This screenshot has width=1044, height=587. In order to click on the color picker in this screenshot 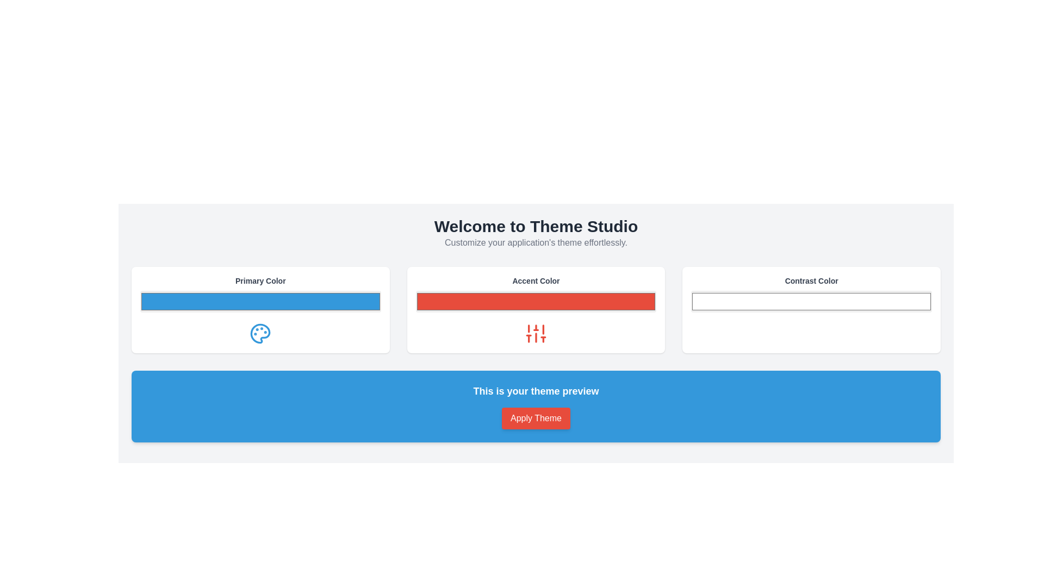, I will do `click(415, 302)`.